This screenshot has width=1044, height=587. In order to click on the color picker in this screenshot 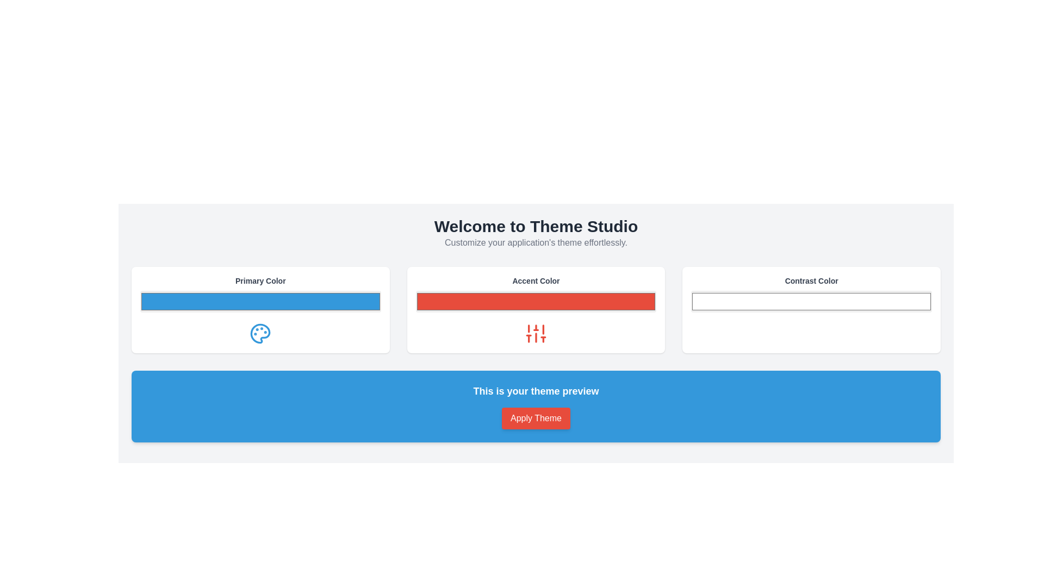, I will do `click(415, 302)`.